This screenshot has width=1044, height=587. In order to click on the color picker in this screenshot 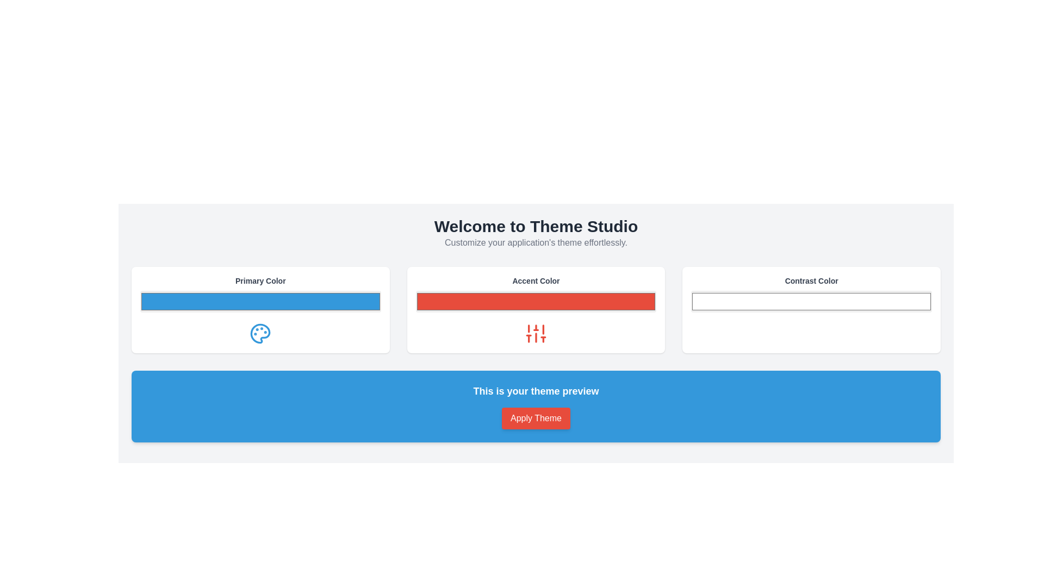, I will do `click(415, 302)`.